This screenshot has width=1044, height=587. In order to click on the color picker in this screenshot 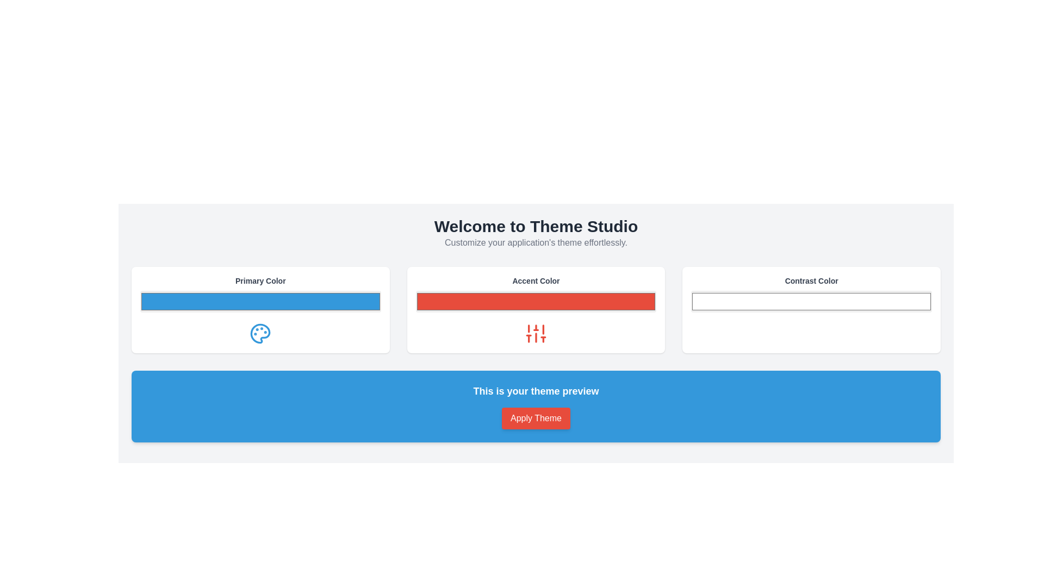, I will do `click(415, 302)`.